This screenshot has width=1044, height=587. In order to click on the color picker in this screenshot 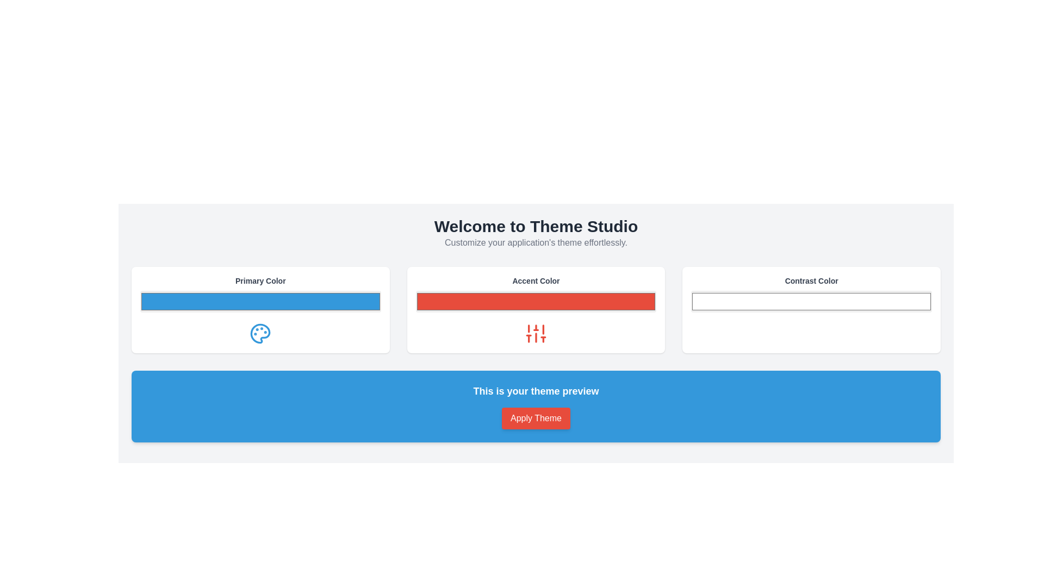, I will do `click(415, 302)`.